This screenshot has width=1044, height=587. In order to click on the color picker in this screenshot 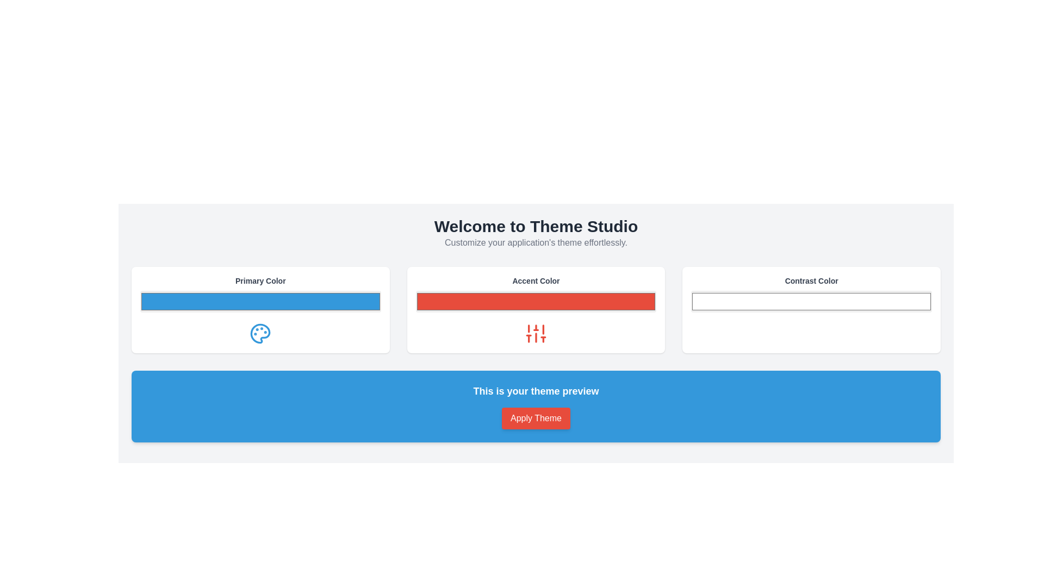, I will do `click(415, 302)`.